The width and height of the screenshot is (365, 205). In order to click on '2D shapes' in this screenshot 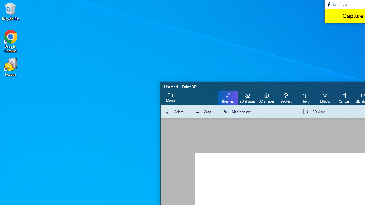, I will do `click(247, 97)`.